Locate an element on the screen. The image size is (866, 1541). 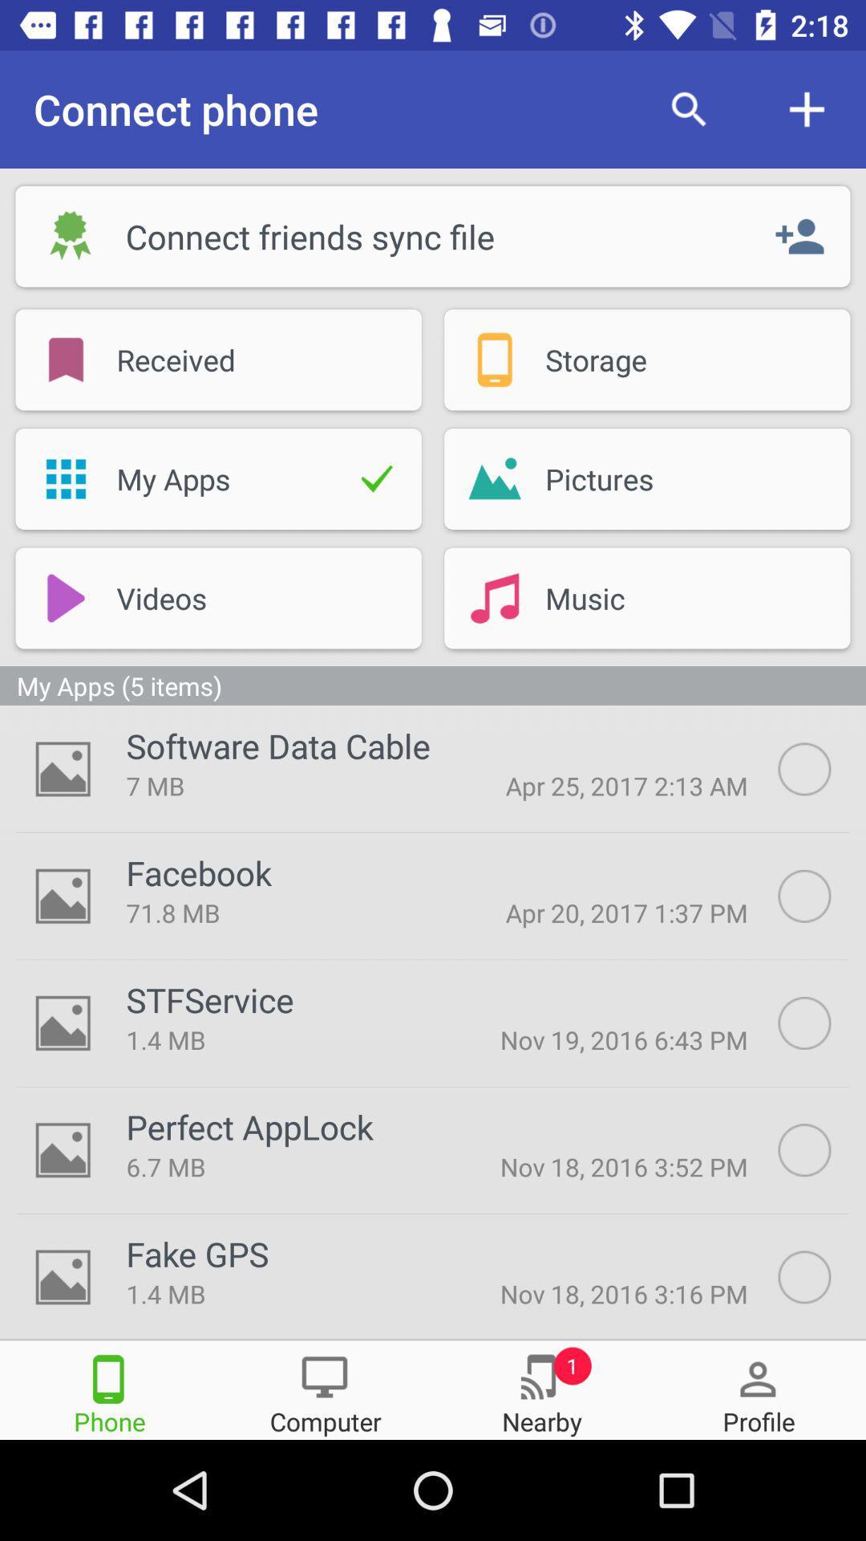
app to the left of the received is located at coordinates (65, 359).